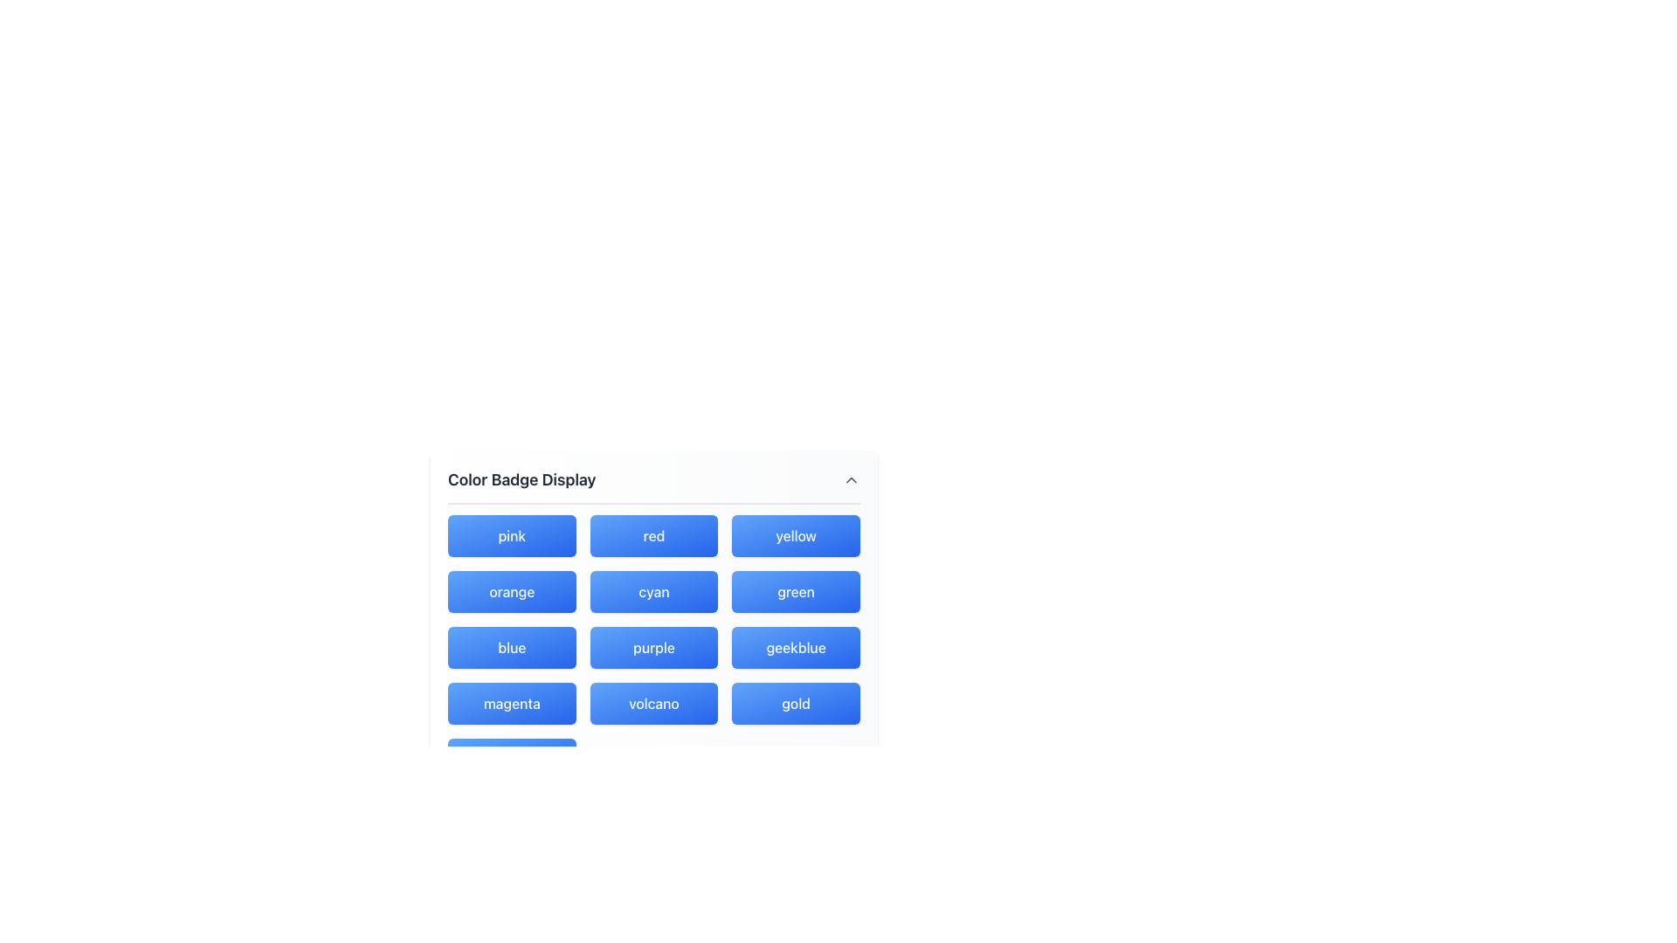  What do you see at coordinates (511, 703) in the screenshot?
I see `the rectangular button with a gradient blue background and the text 'magenta' in white, located in the fourth row and first column of the grid layout` at bounding box center [511, 703].